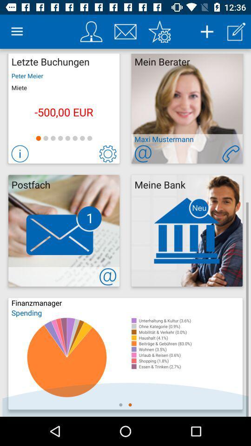 The image size is (251, 446). Describe the element at coordinates (107, 276) in the screenshot. I see `contact us` at that location.